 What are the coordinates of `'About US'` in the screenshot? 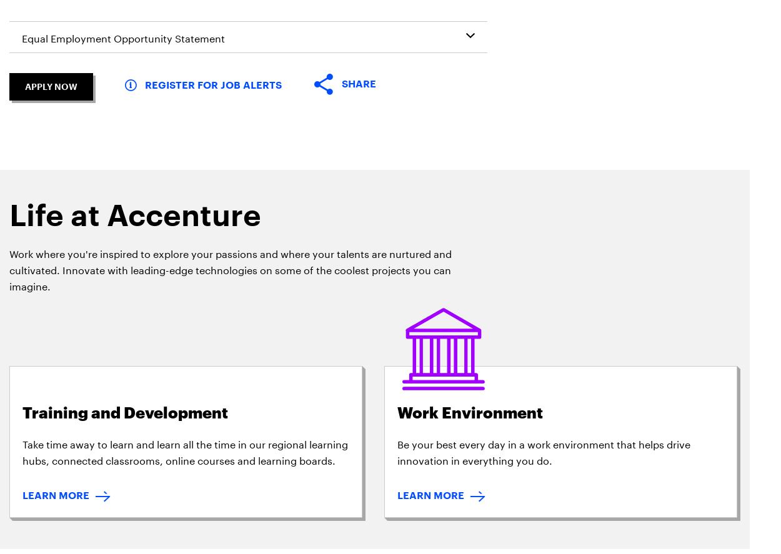 It's located at (101, 184).